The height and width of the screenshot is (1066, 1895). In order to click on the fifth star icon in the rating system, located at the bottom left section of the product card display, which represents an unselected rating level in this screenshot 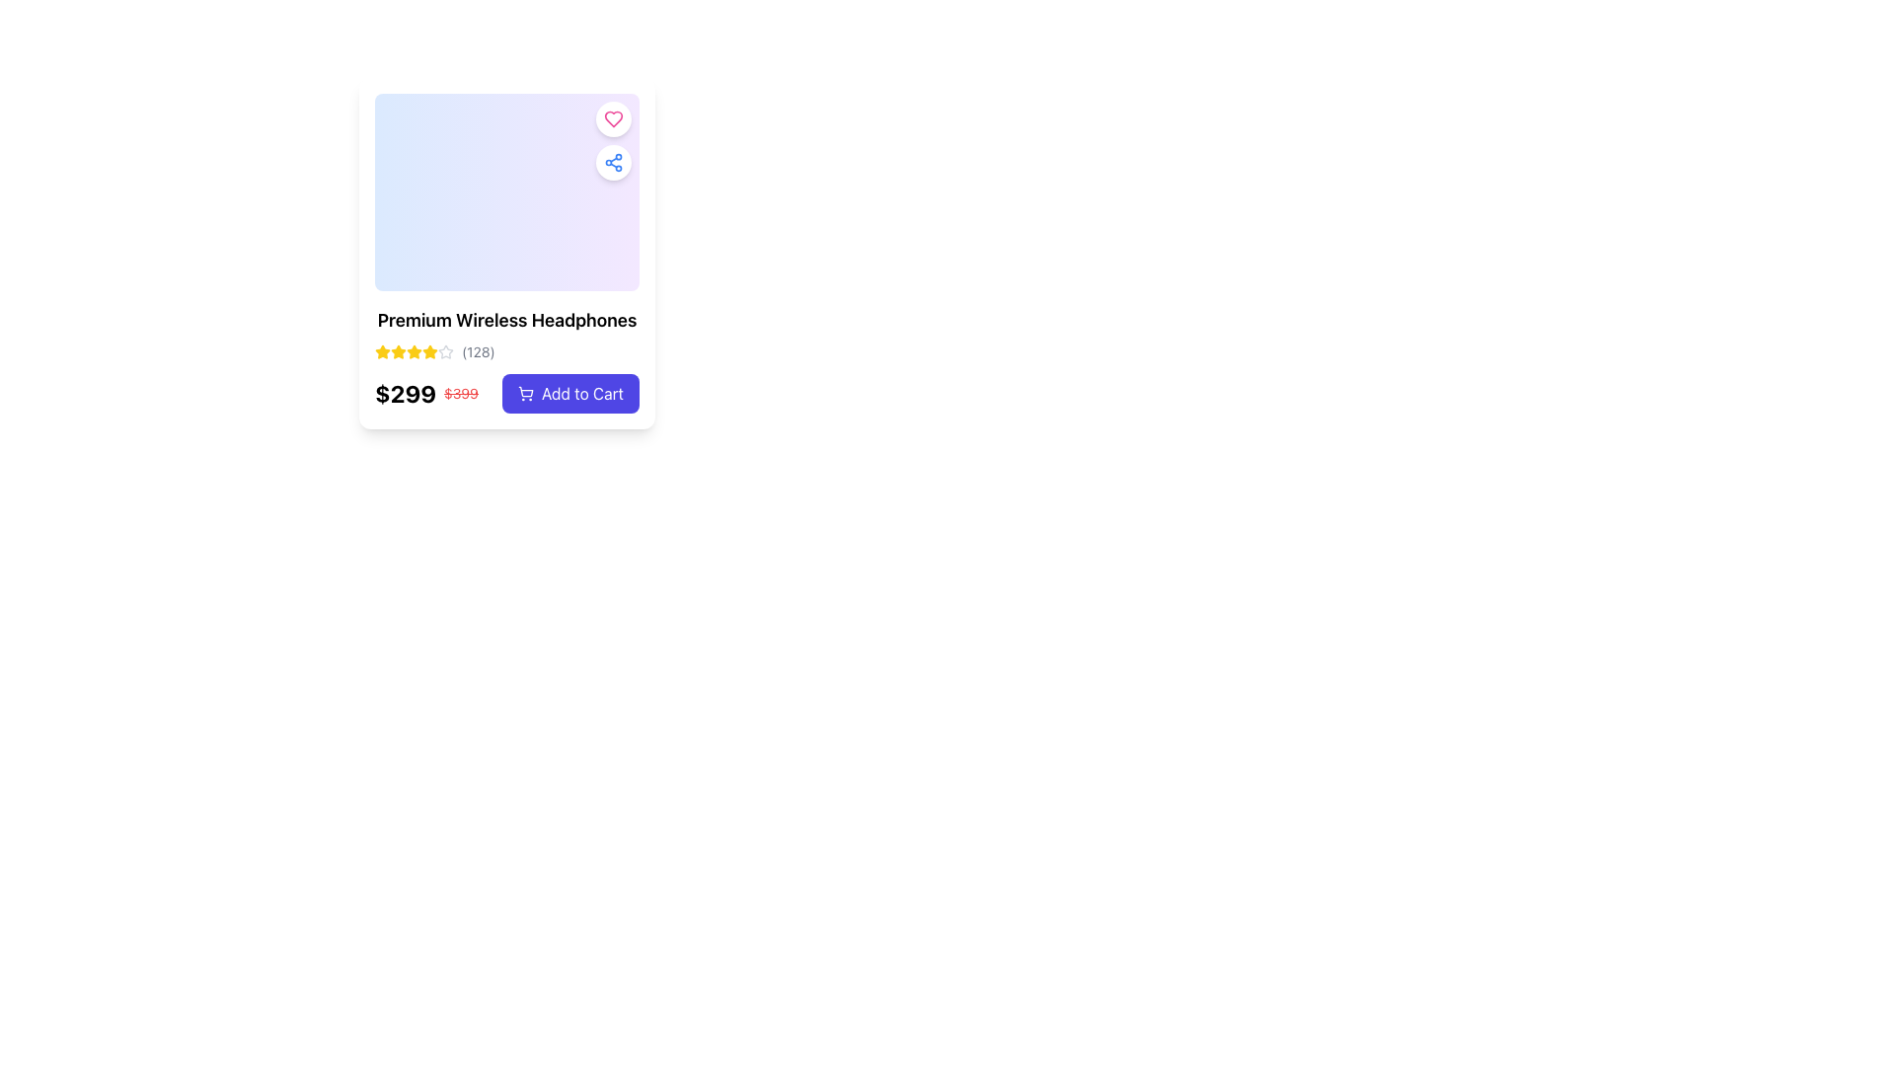, I will do `click(444, 351)`.